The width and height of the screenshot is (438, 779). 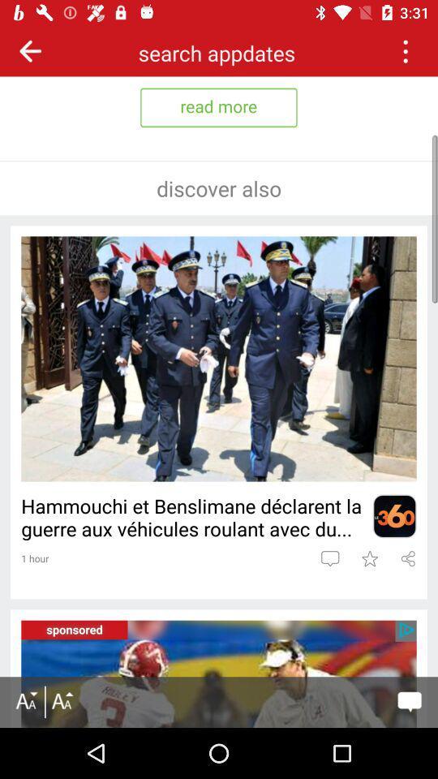 What do you see at coordinates (369, 558) in the screenshot?
I see `the star icon` at bounding box center [369, 558].